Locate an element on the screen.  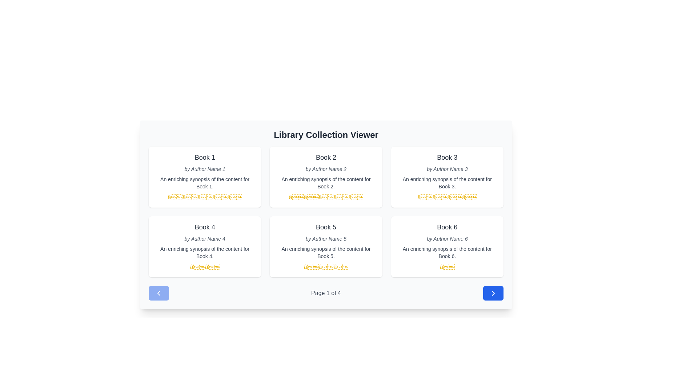
the icon located in the bottom left corner of the interface, which serves as a visual indicator for navigating to the previous page in the collection viewer is located at coordinates (158, 293).